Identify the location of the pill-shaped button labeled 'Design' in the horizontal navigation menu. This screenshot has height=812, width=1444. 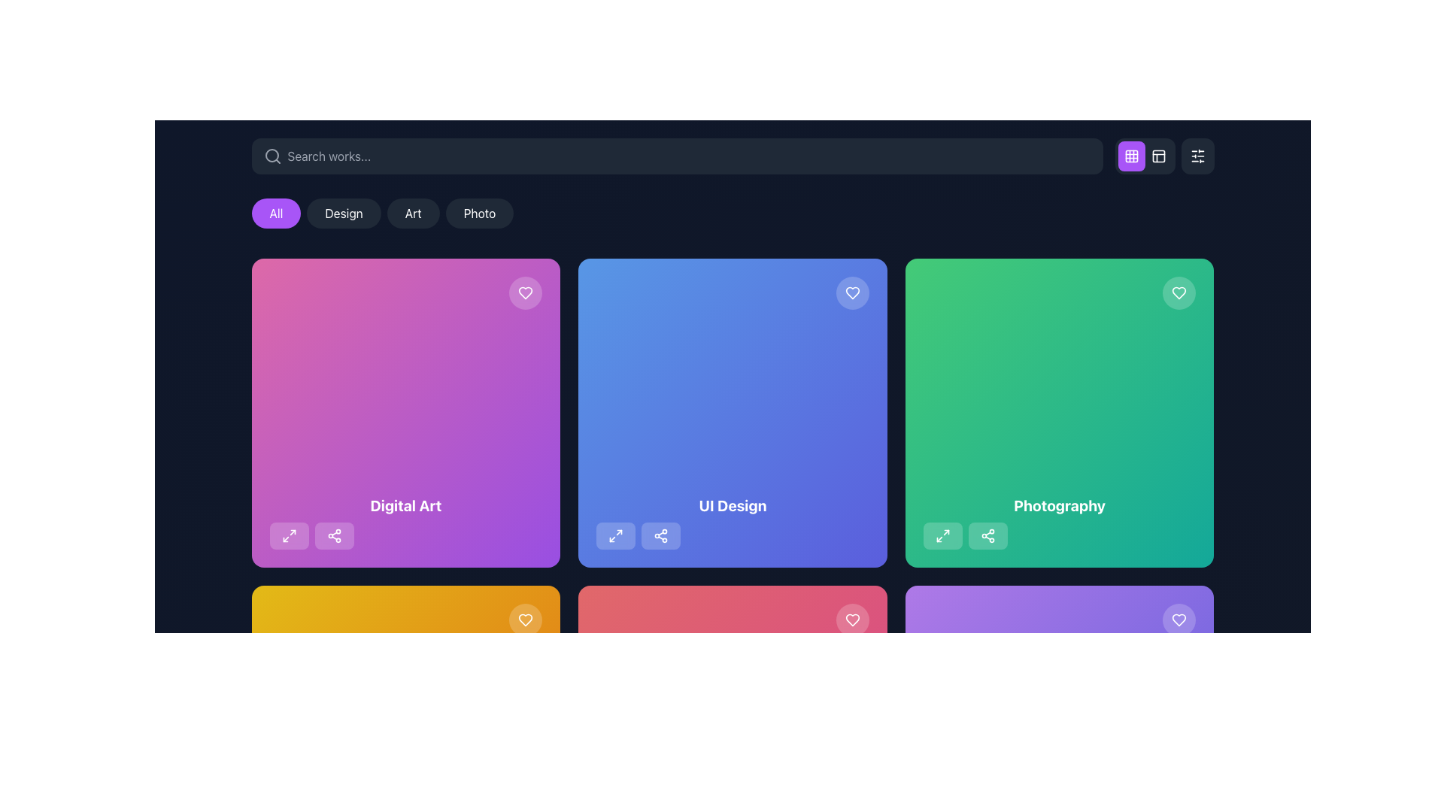
(343, 214).